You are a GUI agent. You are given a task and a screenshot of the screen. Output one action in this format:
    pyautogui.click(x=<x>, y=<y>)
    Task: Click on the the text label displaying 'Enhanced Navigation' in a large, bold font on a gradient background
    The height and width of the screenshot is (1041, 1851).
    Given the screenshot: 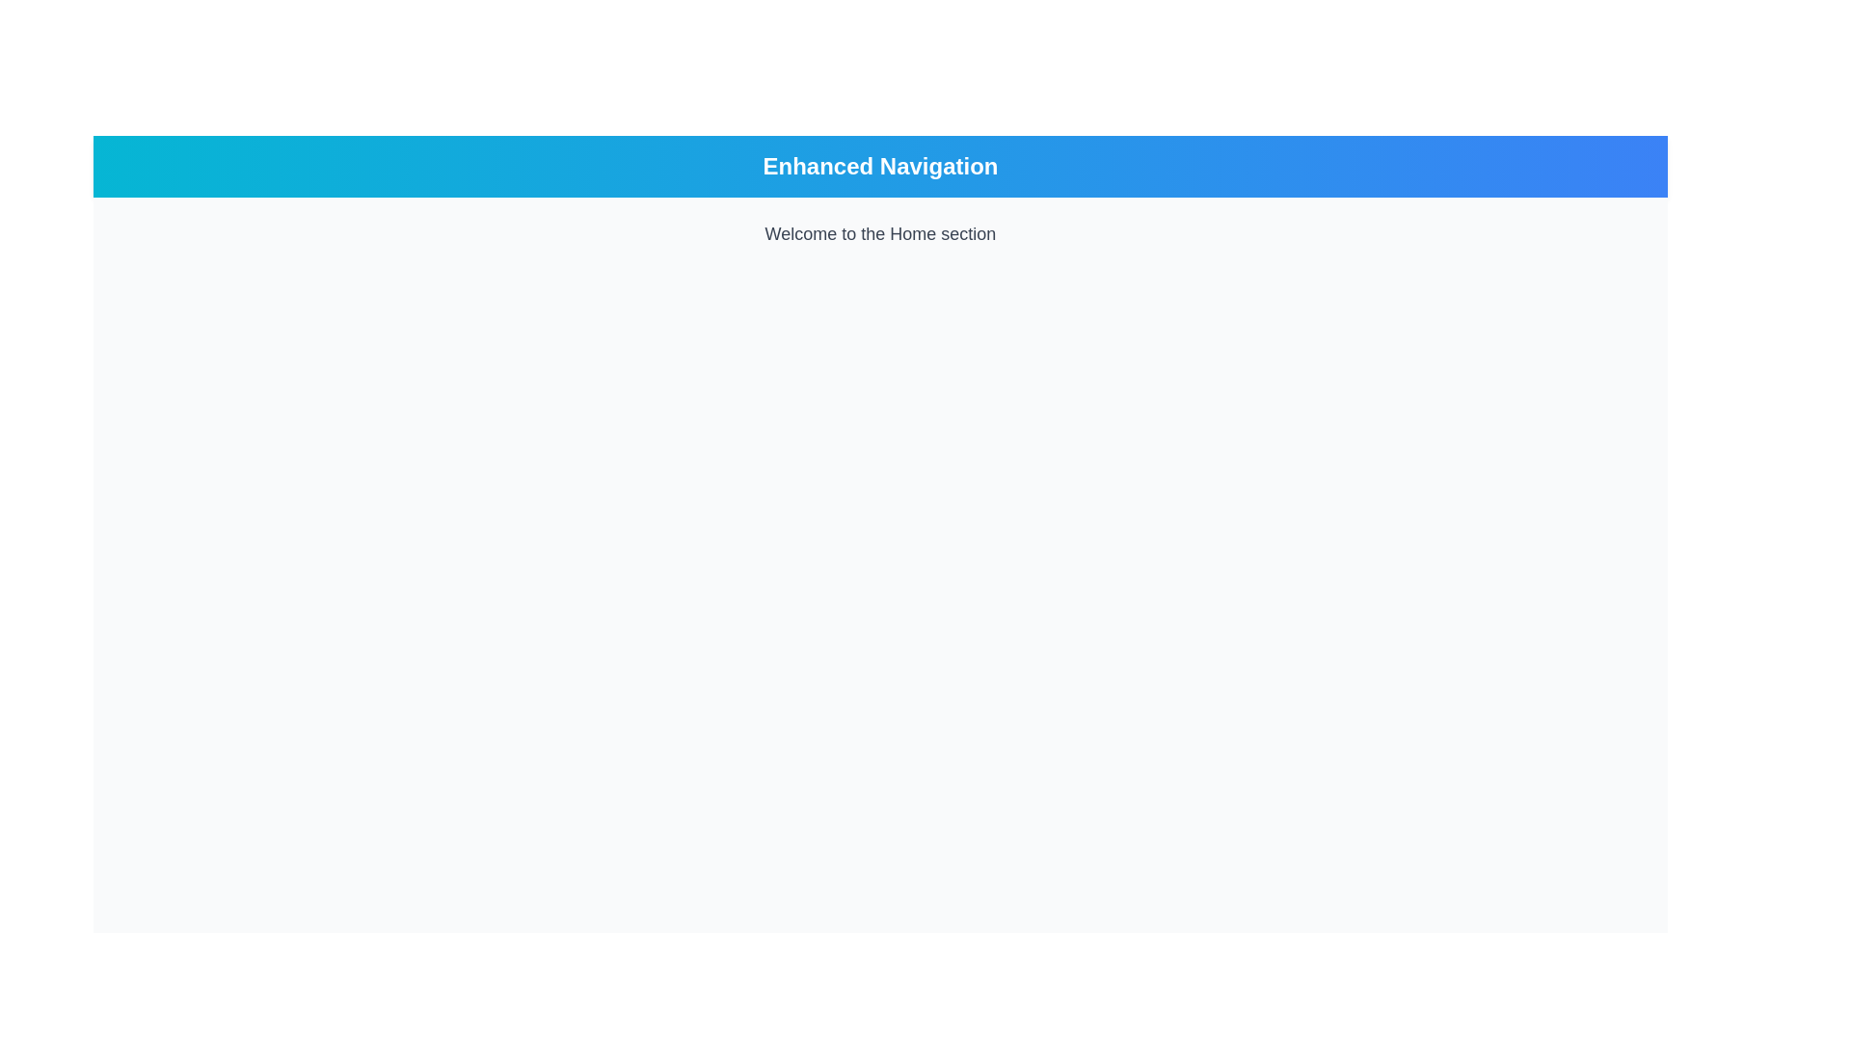 What is the action you would take?
    pyautogui.click(x=879, y=166)
    